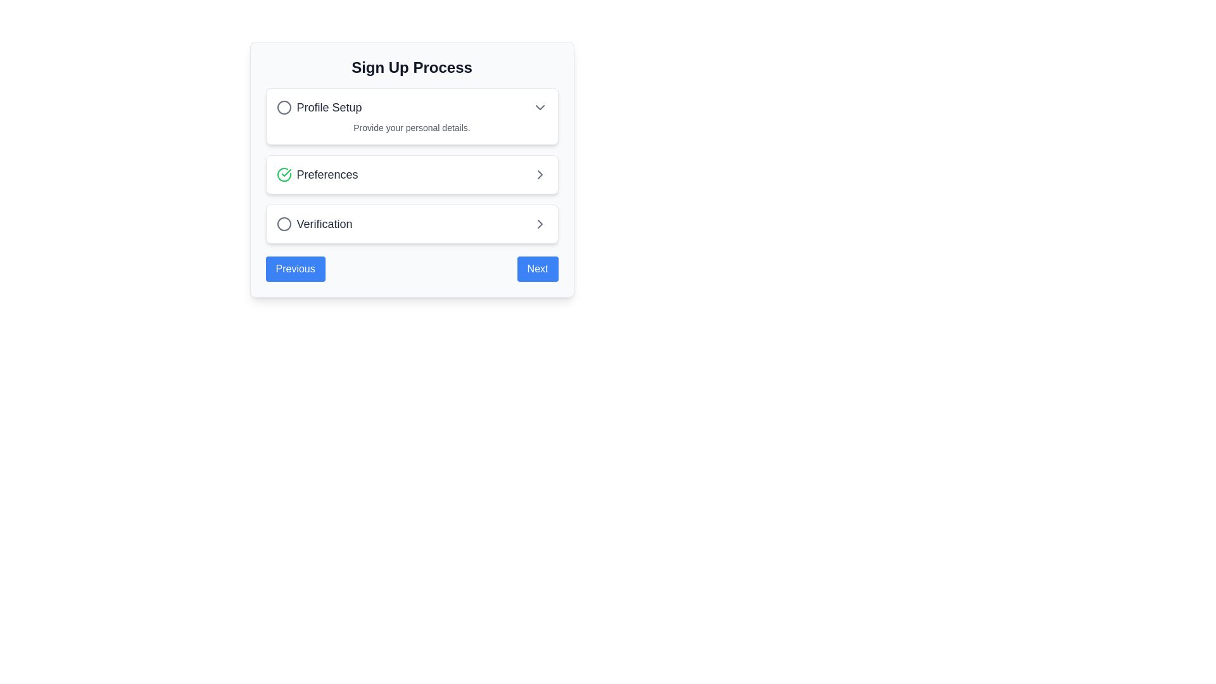 Image resolution: width=1216 pixels, height=684 pixels. Describe the element at coordinates (283, 175) in the screenshot. I see `the green checkmark icon enclosed within a circle, located to the left of the 'Preferences' text` at that location.